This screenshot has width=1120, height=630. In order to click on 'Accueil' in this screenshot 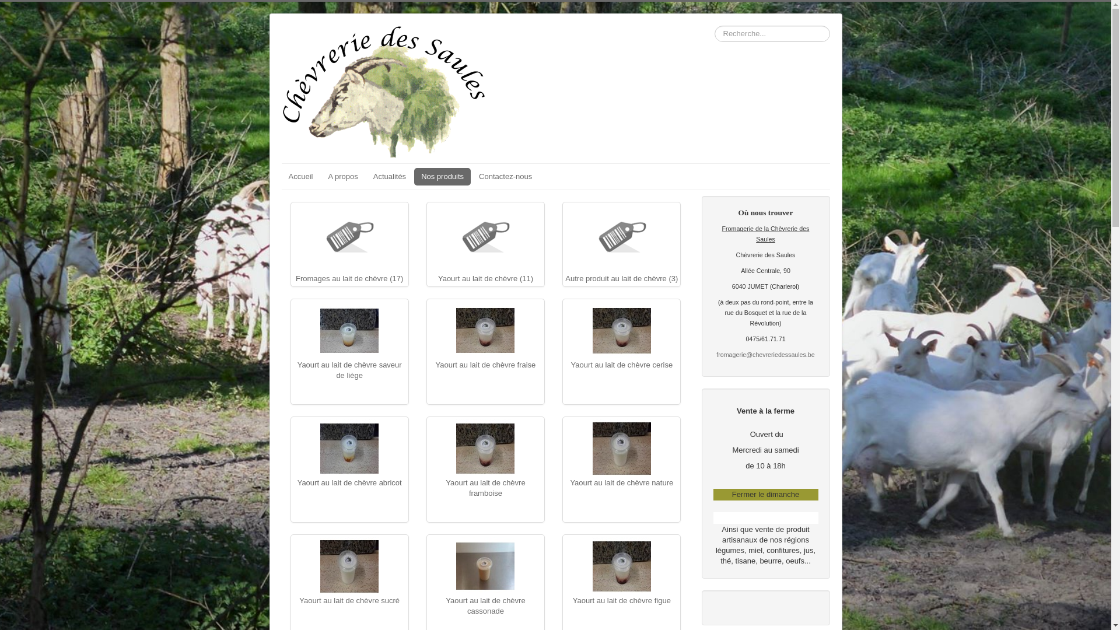, I will do `click(281, 177)`.